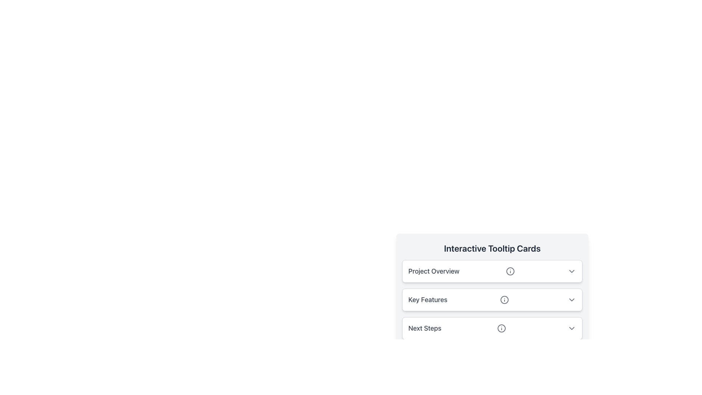 The height and width of the screenshot is (395, 702). Describe the element at coordinates (510, 271) in the screenshot. I see `the circular information indicator icon next to the 'Project Overview' text in the interactive tooltip interface` at that location.